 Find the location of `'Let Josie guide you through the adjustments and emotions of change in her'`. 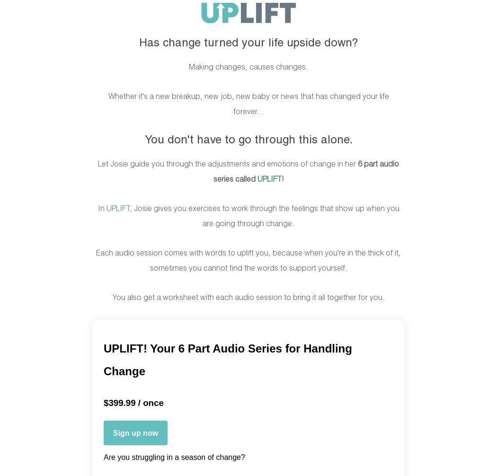

'Let Josie guide you through the adjustments and emotions of change in her' is located at coordinates (228, 164).